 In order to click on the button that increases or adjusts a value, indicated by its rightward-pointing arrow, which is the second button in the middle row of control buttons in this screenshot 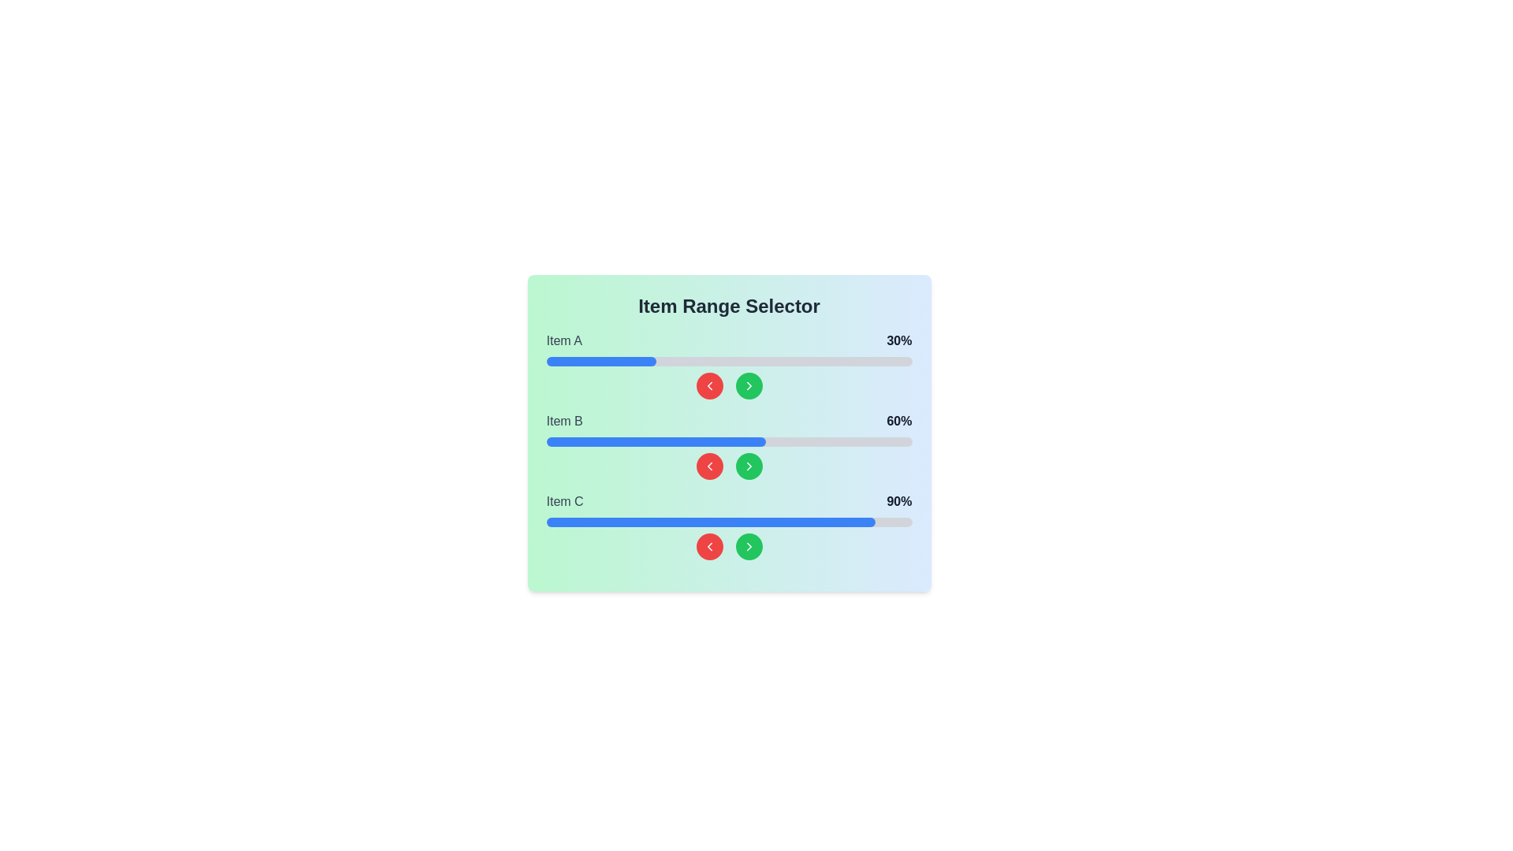, I will do `click(748, 385)`.